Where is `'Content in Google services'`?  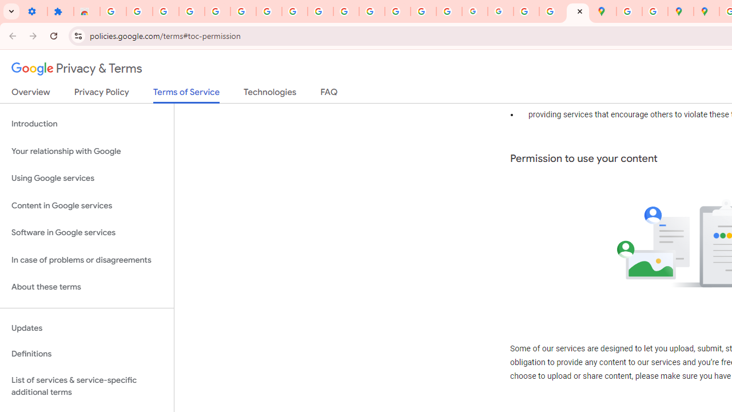
'Content in Google services' is located at coordinates (86, 205).